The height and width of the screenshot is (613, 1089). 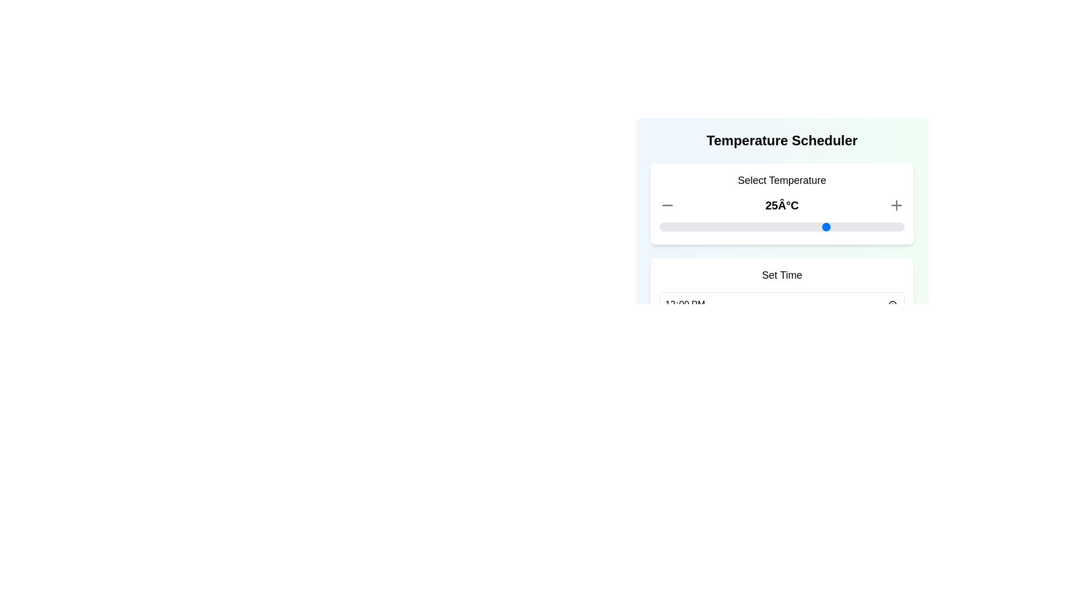 What do you see at coordinates (714, 227) in the screenshot?
I see `the temperature slider` at bounding box center [714, 227].